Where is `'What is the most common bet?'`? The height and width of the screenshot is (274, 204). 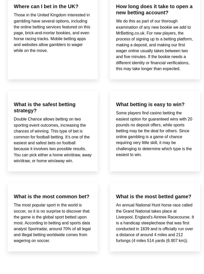 'What is the most common bet?' is located at coordinates (52, 196).